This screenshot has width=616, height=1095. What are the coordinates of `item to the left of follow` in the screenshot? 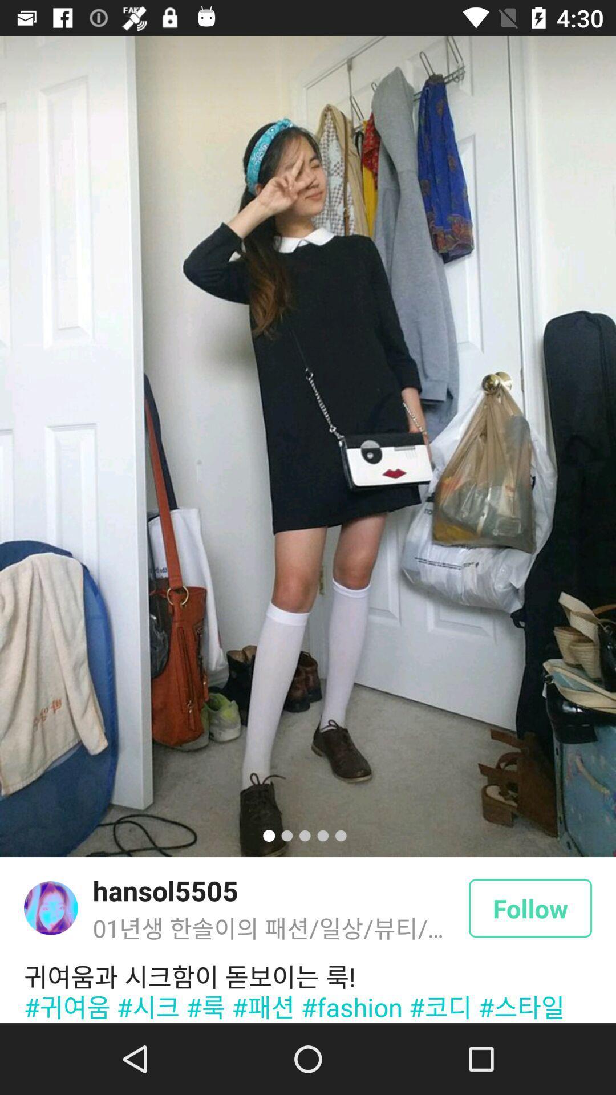 It's located at (165, 890).